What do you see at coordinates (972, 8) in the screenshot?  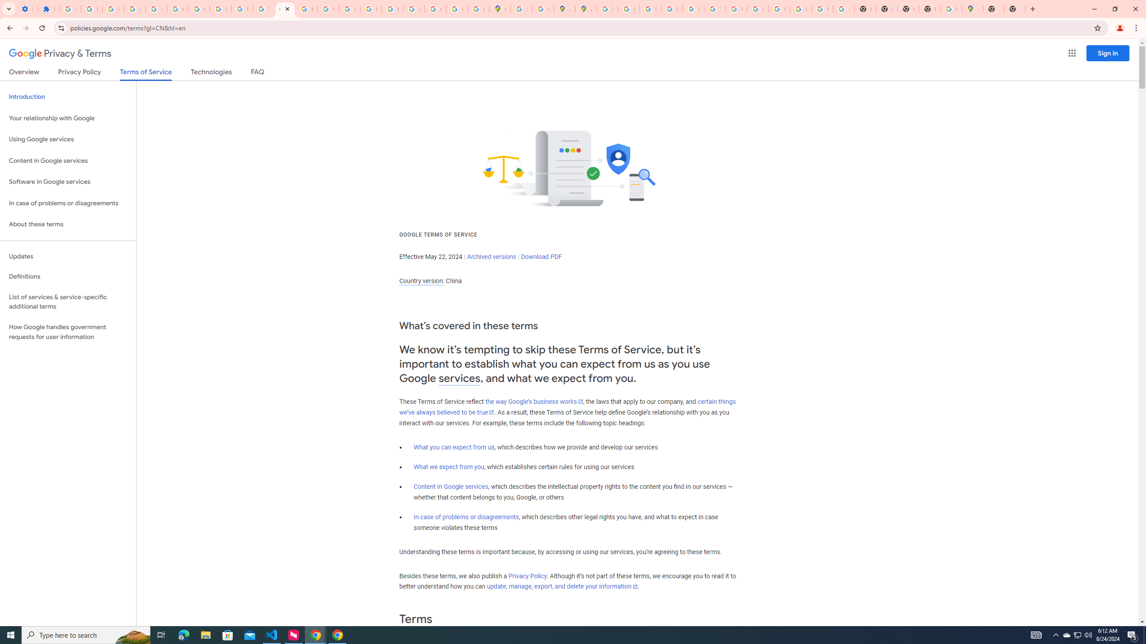 I see `'Google Maps'` at bounding box center [972, 8].